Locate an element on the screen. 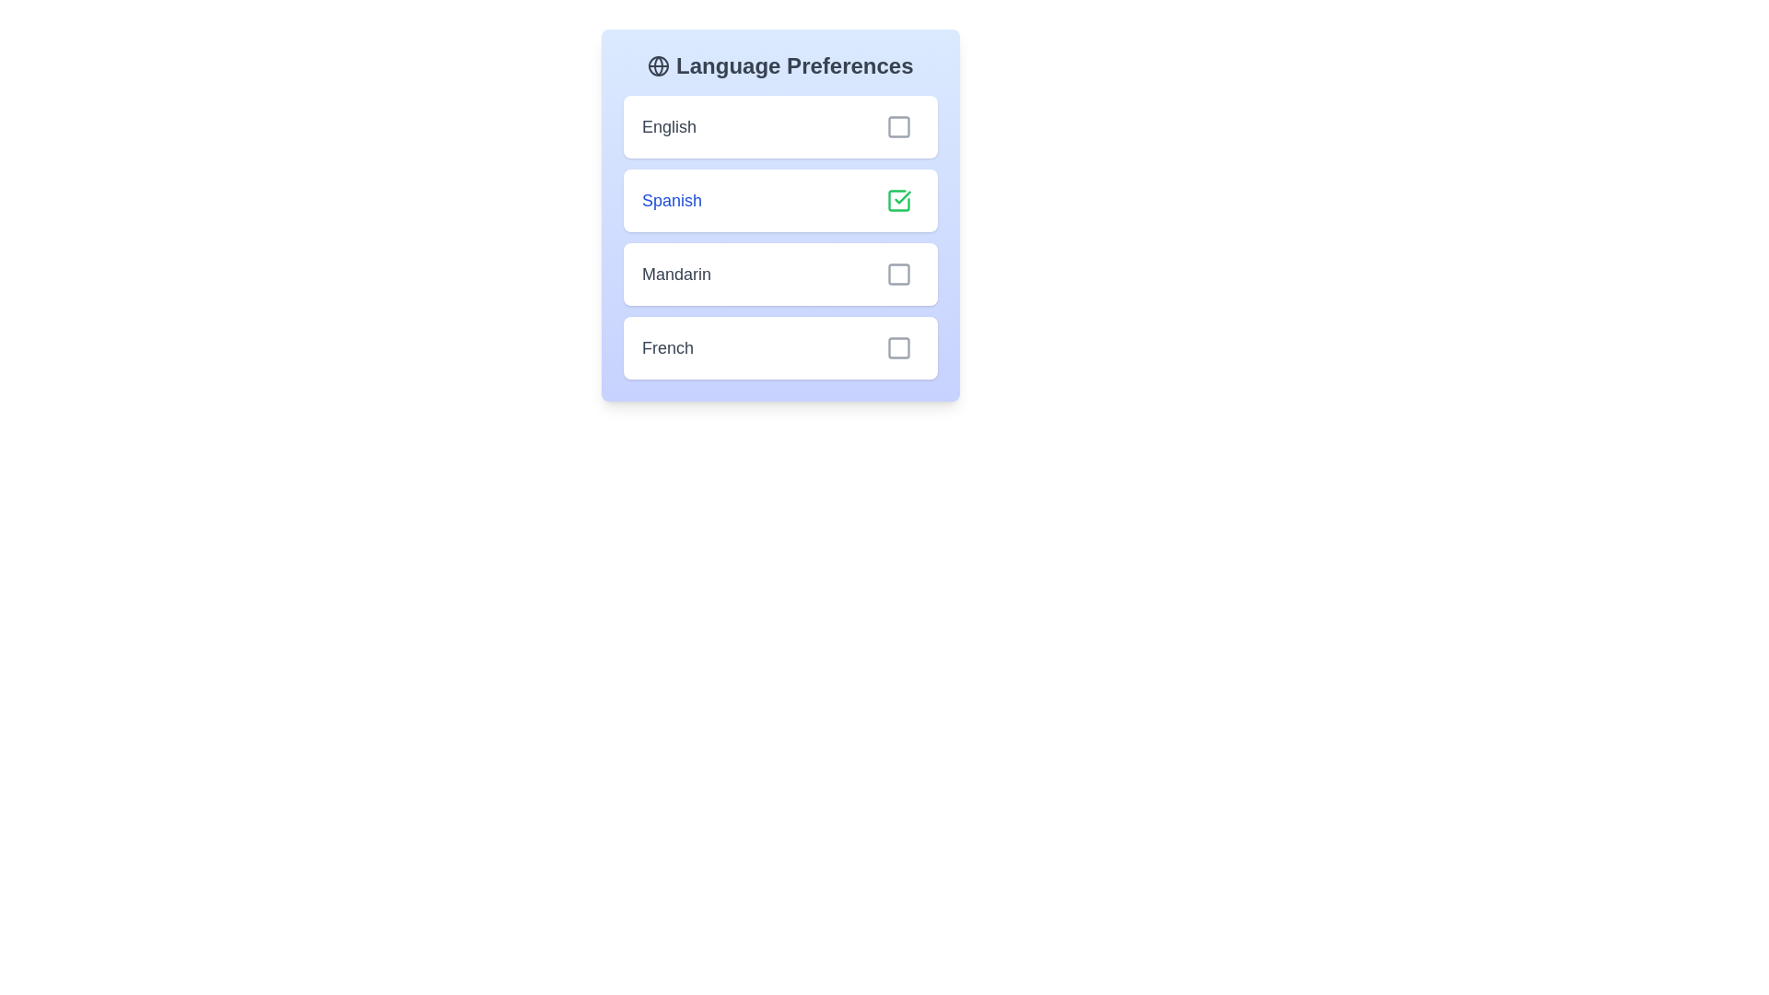 The height and width of the screenshot is (995, 1769). the square checkbox next to the 'French' label in the language selection list is located at coordinates (898, 348).